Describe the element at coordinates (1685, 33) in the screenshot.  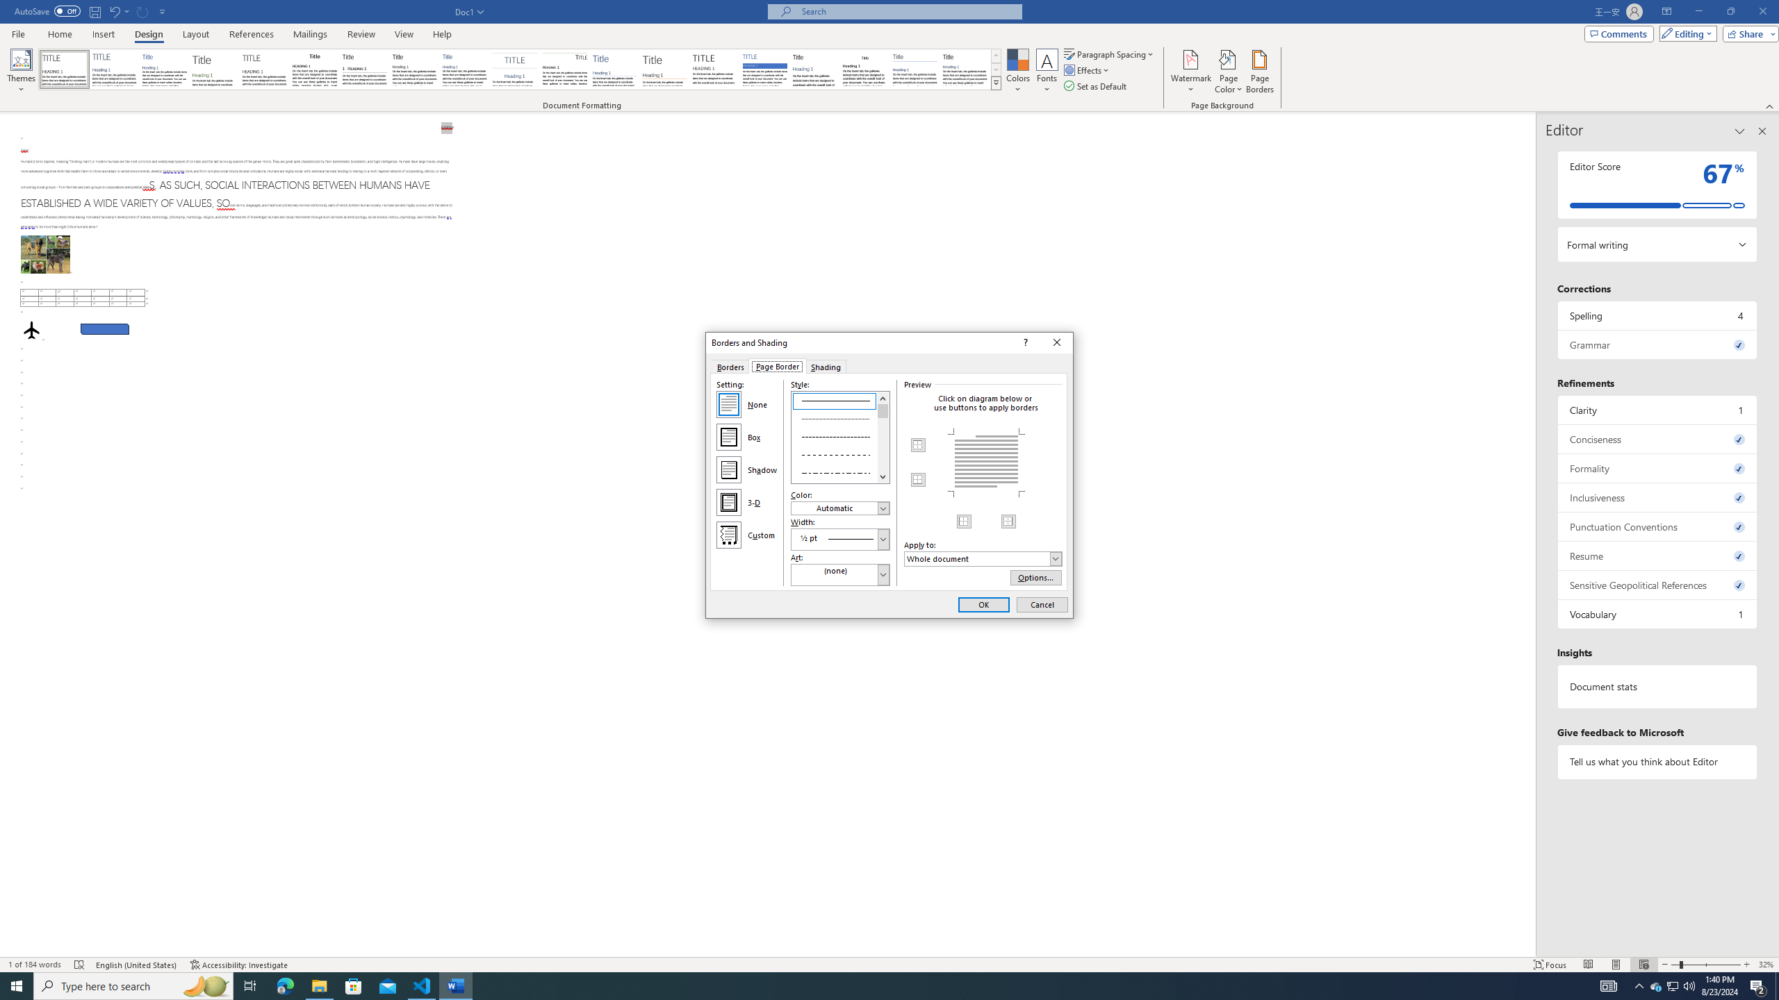
I see `'Editing'` at that location.